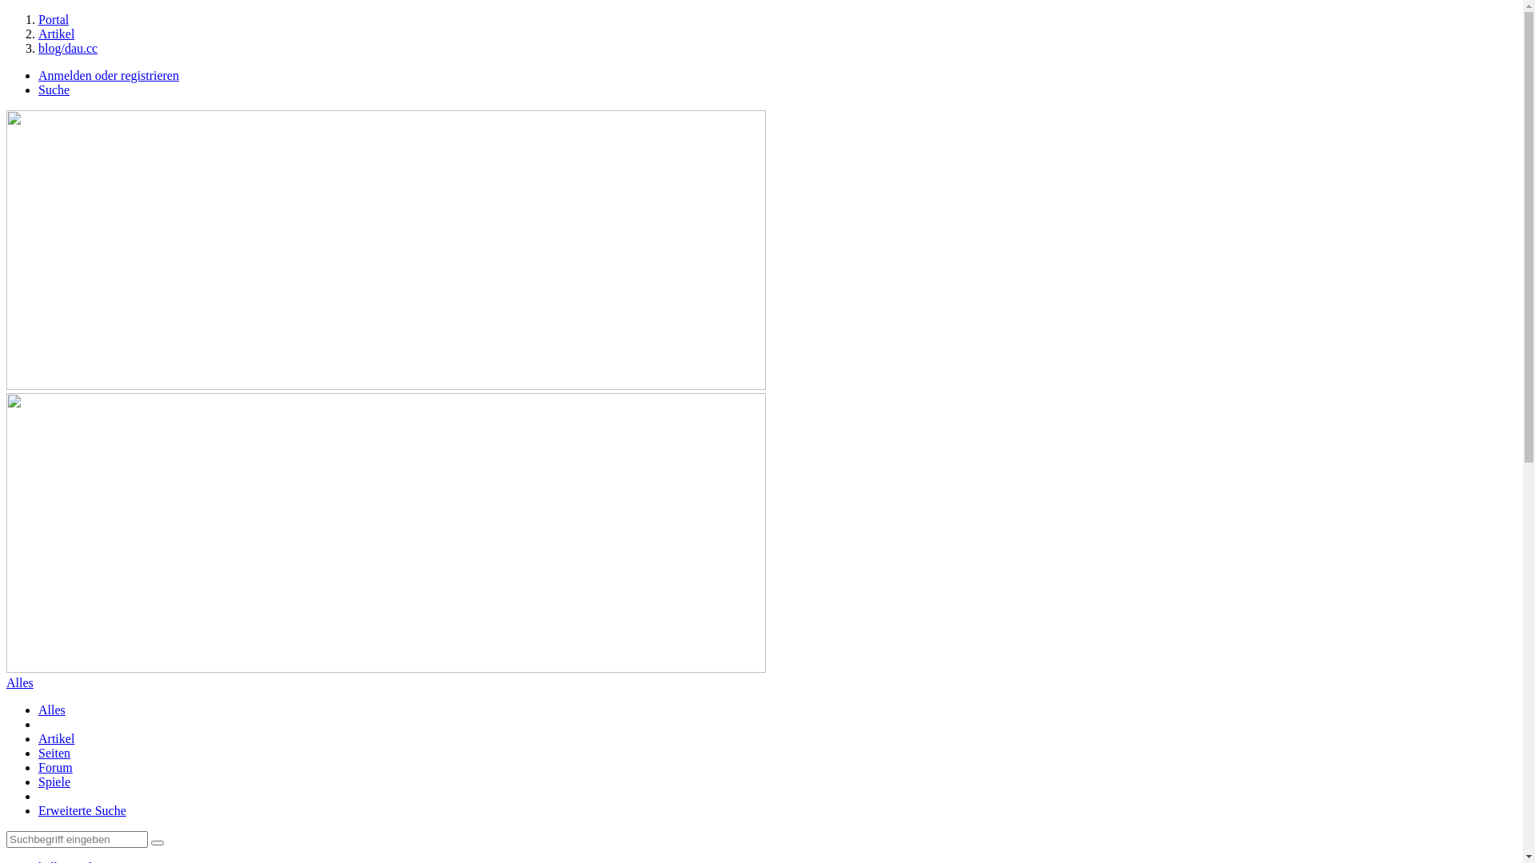 The image size is (1535, 863). Describe the element at coordinates (55, 766) in the screenshot. I see `'Forum'` at that location.